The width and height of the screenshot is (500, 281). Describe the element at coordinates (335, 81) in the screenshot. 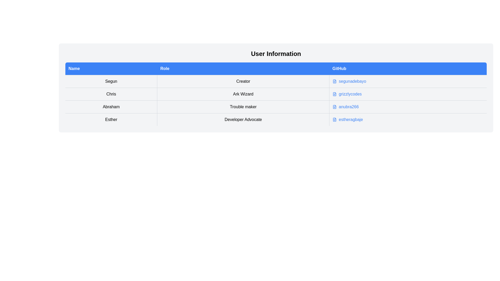

I see `the small blue file icon located to the immediate left of the bolded text 'segunadebayo' in the first row of the GitHub column to follow the link` at that location.